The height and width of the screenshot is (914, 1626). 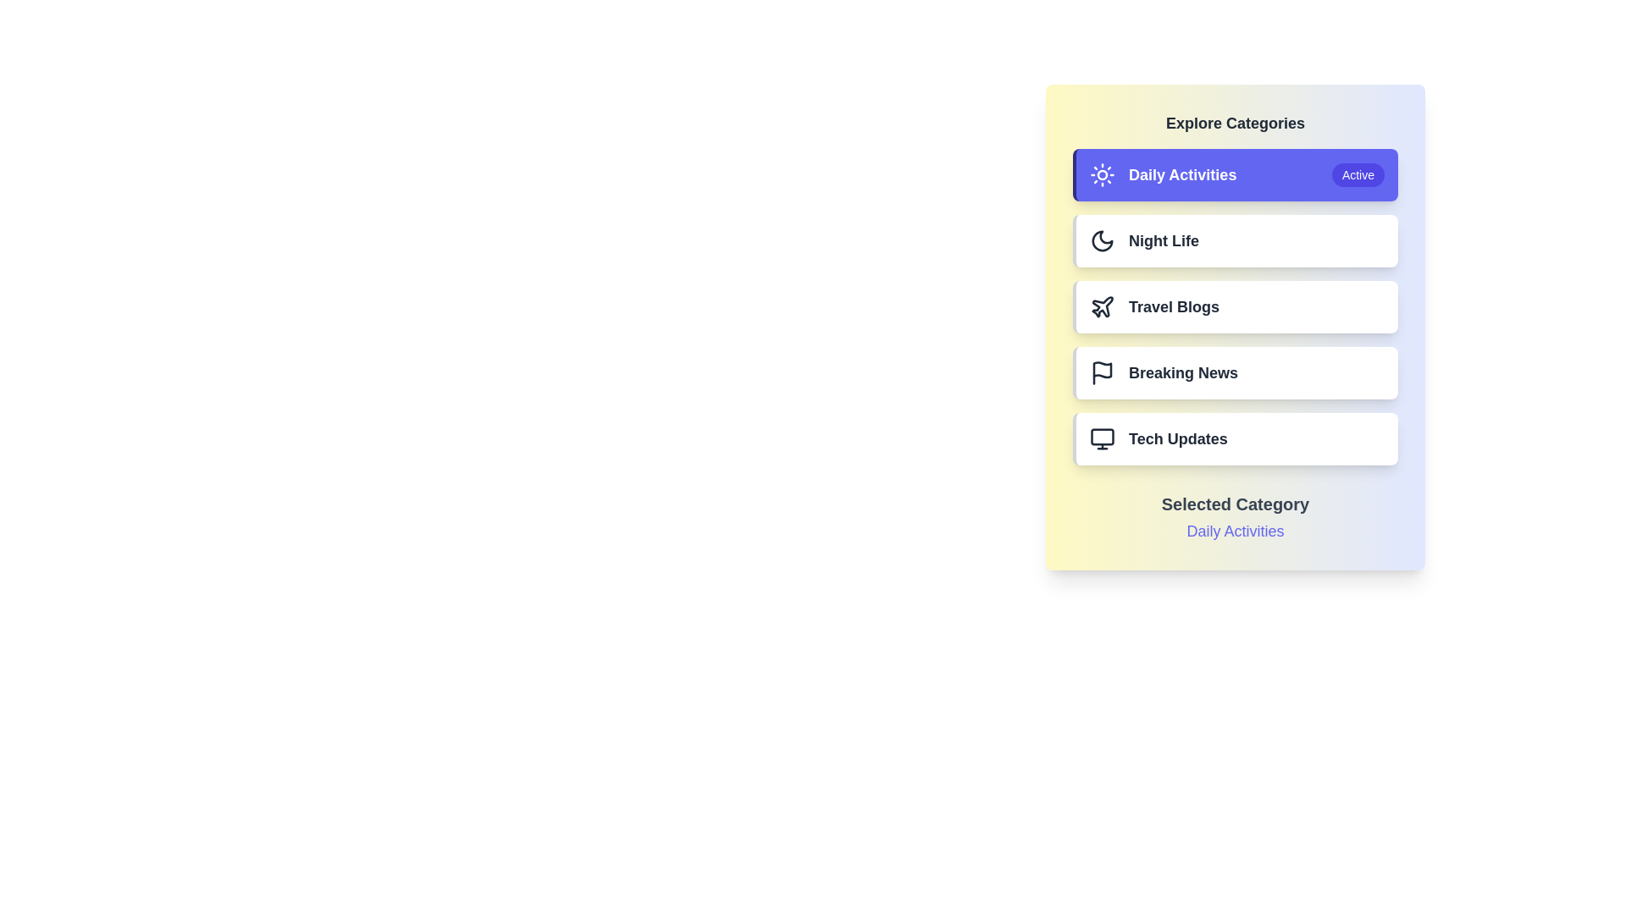 What do you see at coordinates (1236, 306) in the screenshot?
I see `the category button corresponding to Travel Blogs` at bounding box center [1236, 306].